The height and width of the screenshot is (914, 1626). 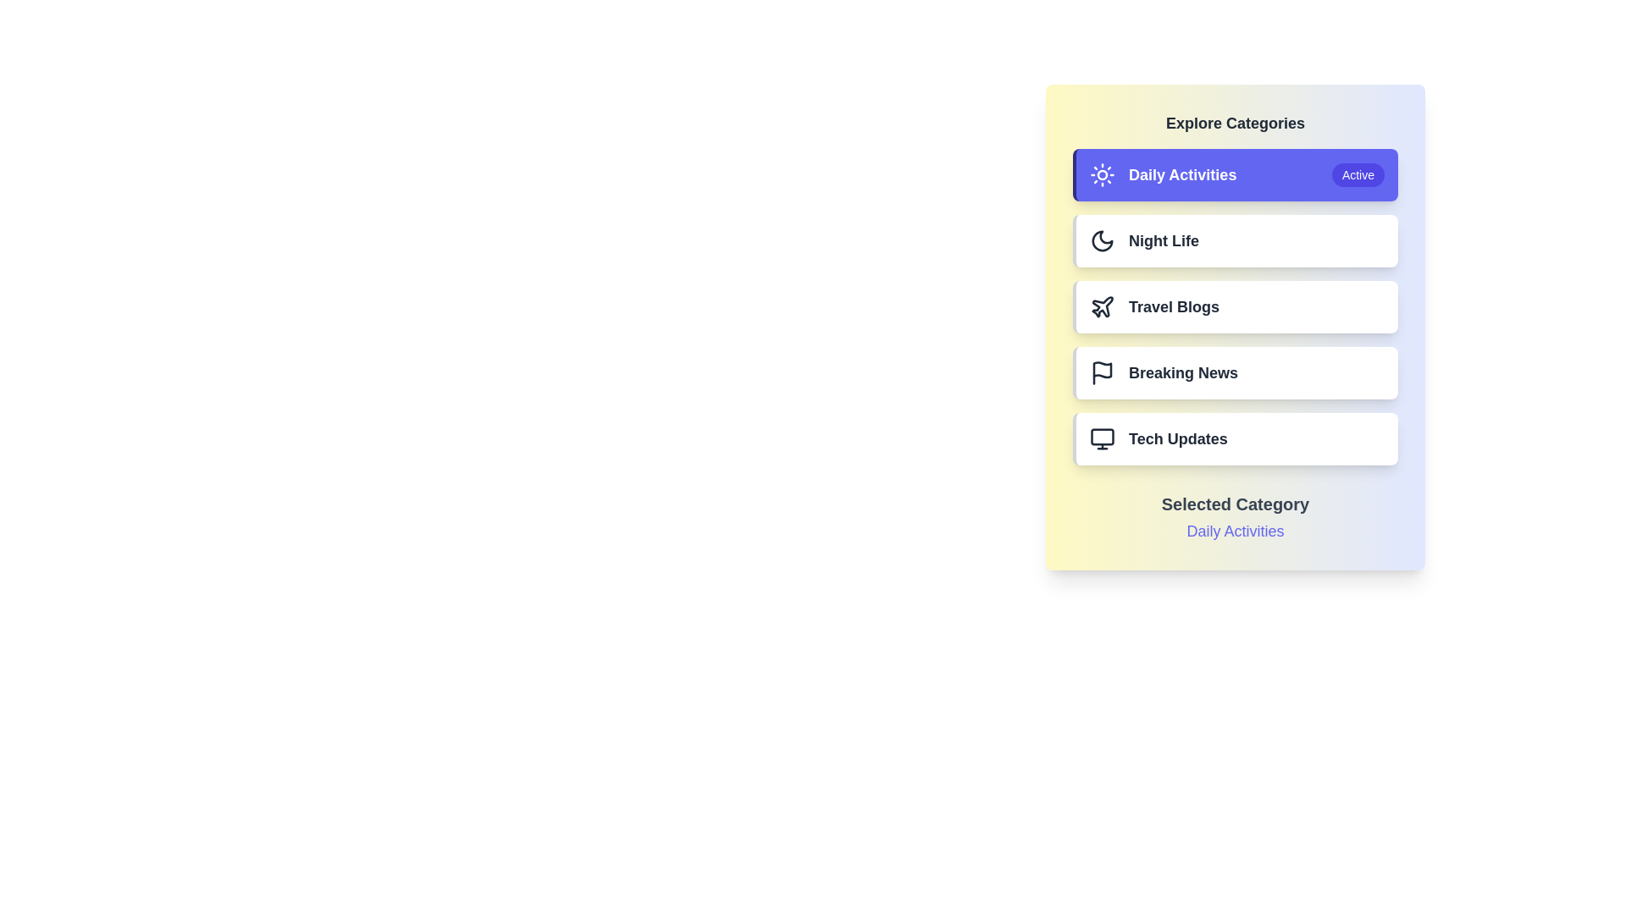 What do you see at coordinates (1236, 306) in the screenshot?
I see `the category button corresponding to Travel Blogs` at bounding box center [1236, 306].